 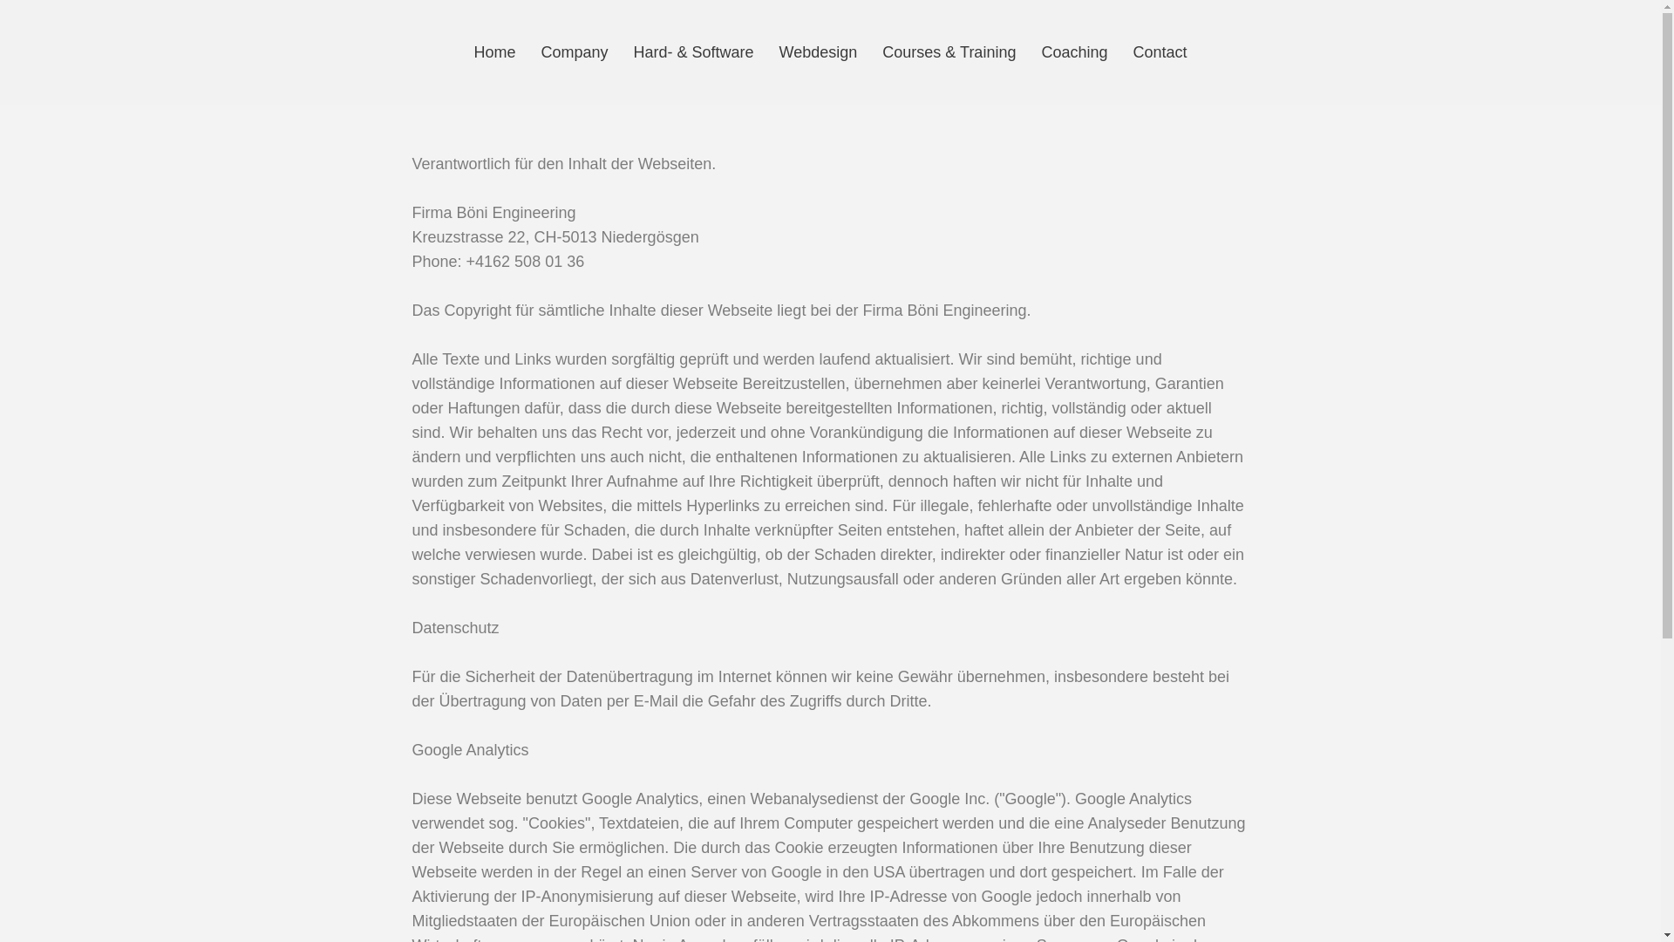 I want to click on 'Coaching', so click(x=1073, y=51).